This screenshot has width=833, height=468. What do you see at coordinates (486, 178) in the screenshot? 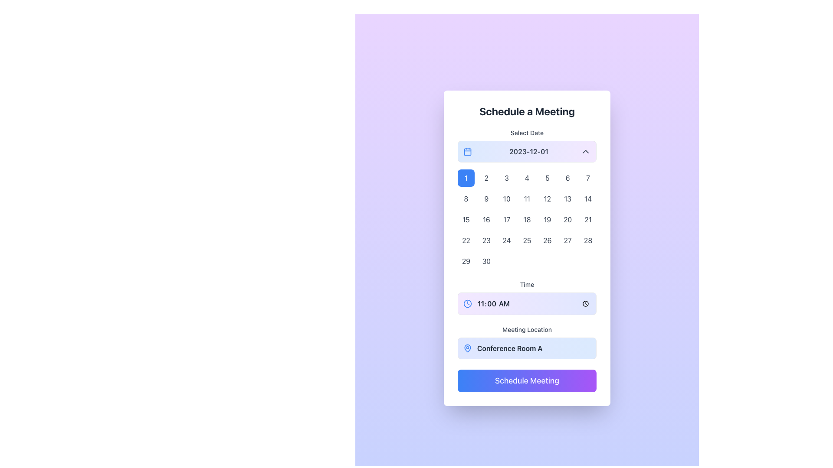
I see `the button representing the second day of the month in the calendar interface` at bounding box center [486, 178].